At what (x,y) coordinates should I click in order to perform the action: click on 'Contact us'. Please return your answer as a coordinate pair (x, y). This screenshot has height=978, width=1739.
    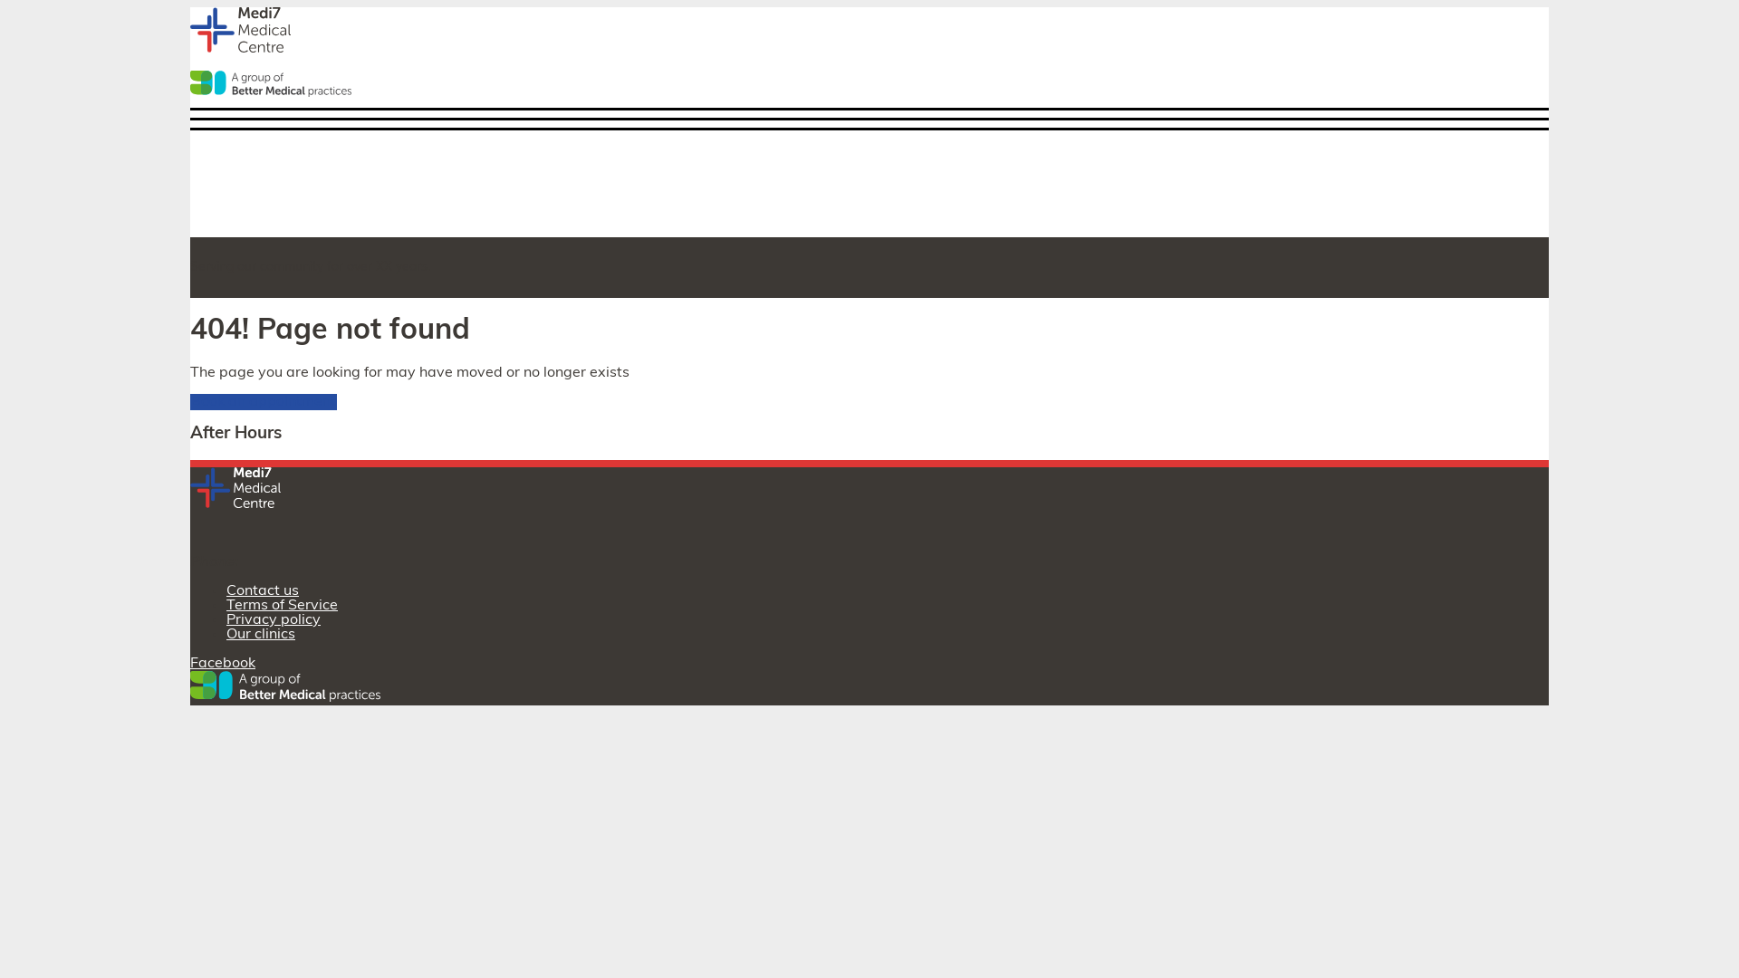
    Looking at the image, I should click on (261, 590).